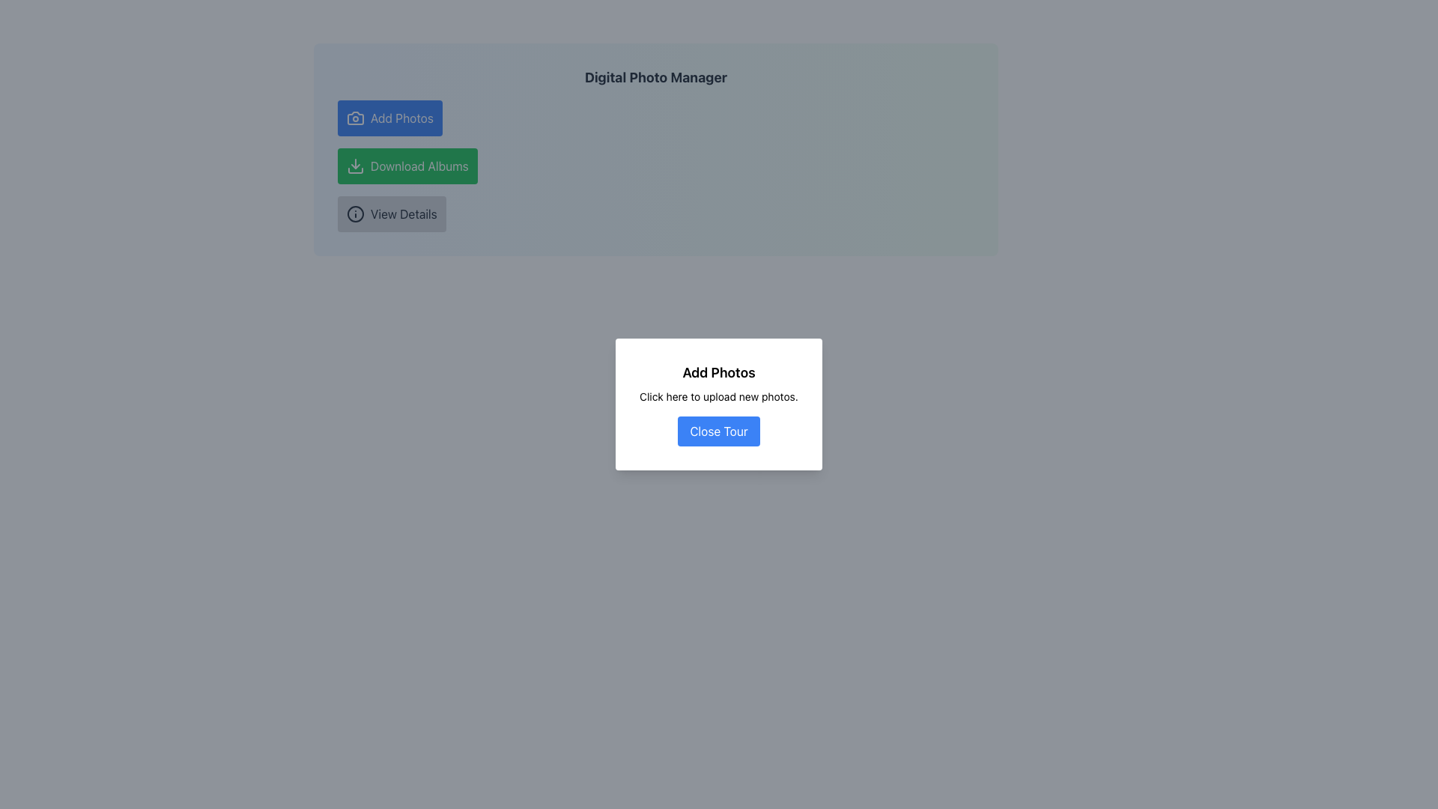 This screenshot has height=809, width=1438. Describe the element at coordinates (404, 213) in the screenshot. I see `the text label 'View Details' located within a button with a grayish background and rounded corners, positioned below the green 'Download Albums' button` at that location.